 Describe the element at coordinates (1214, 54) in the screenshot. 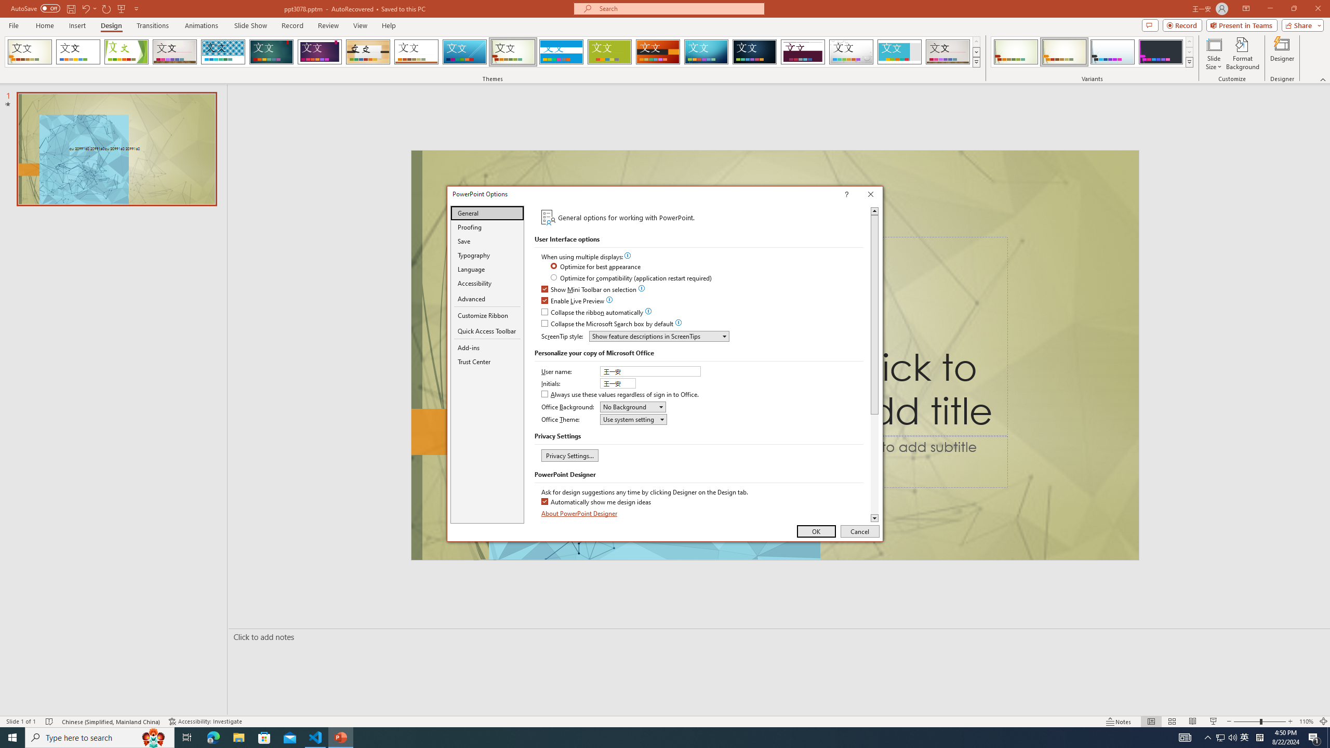

I see `'Slide Size'` at that location.